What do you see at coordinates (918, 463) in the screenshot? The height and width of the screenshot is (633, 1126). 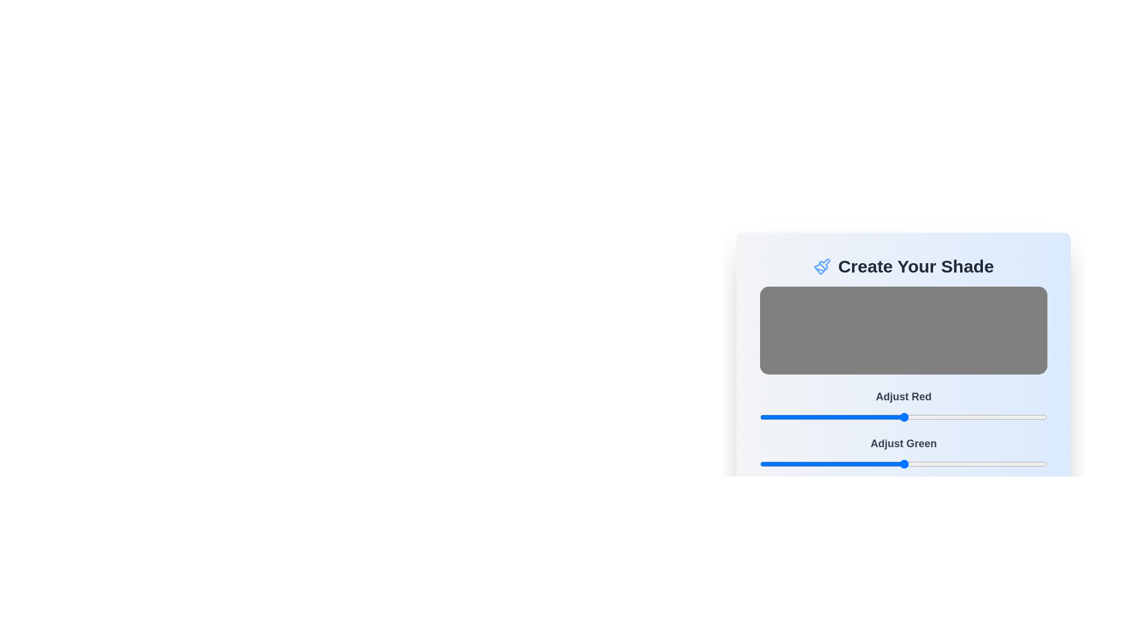 I see `the green color slider to 141` at bounding box center [918, 463].